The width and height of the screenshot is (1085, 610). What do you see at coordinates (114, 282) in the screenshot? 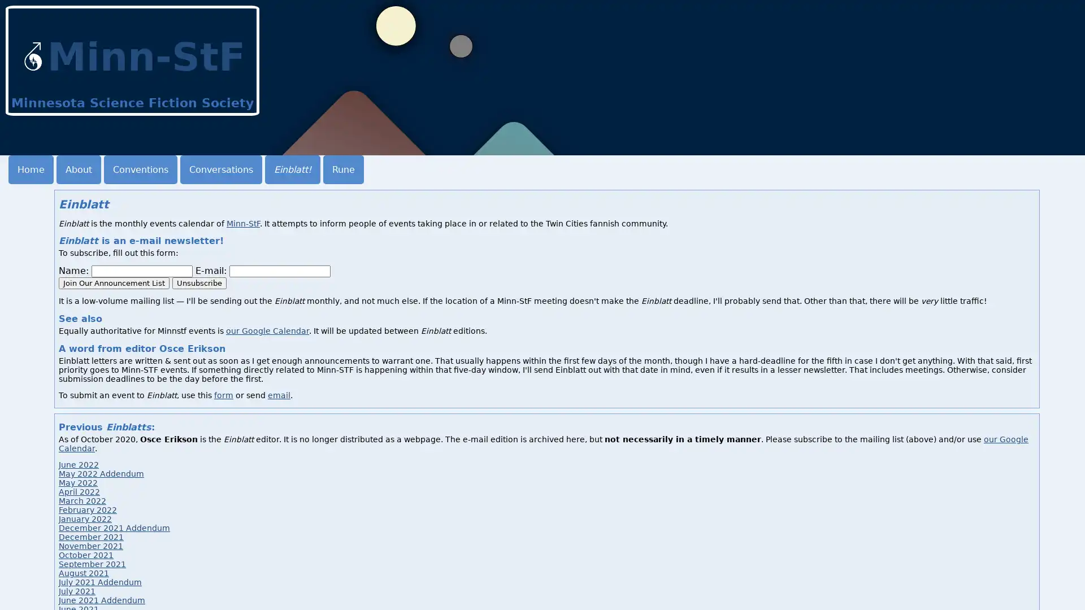
I see `Join Our Announcement List` at bounding box center [114, 282].